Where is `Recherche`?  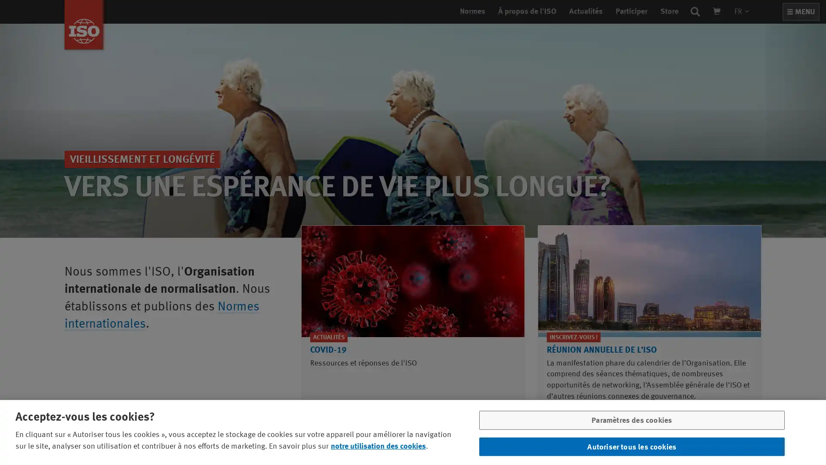
Recherche is located at coordinates (695, 11).